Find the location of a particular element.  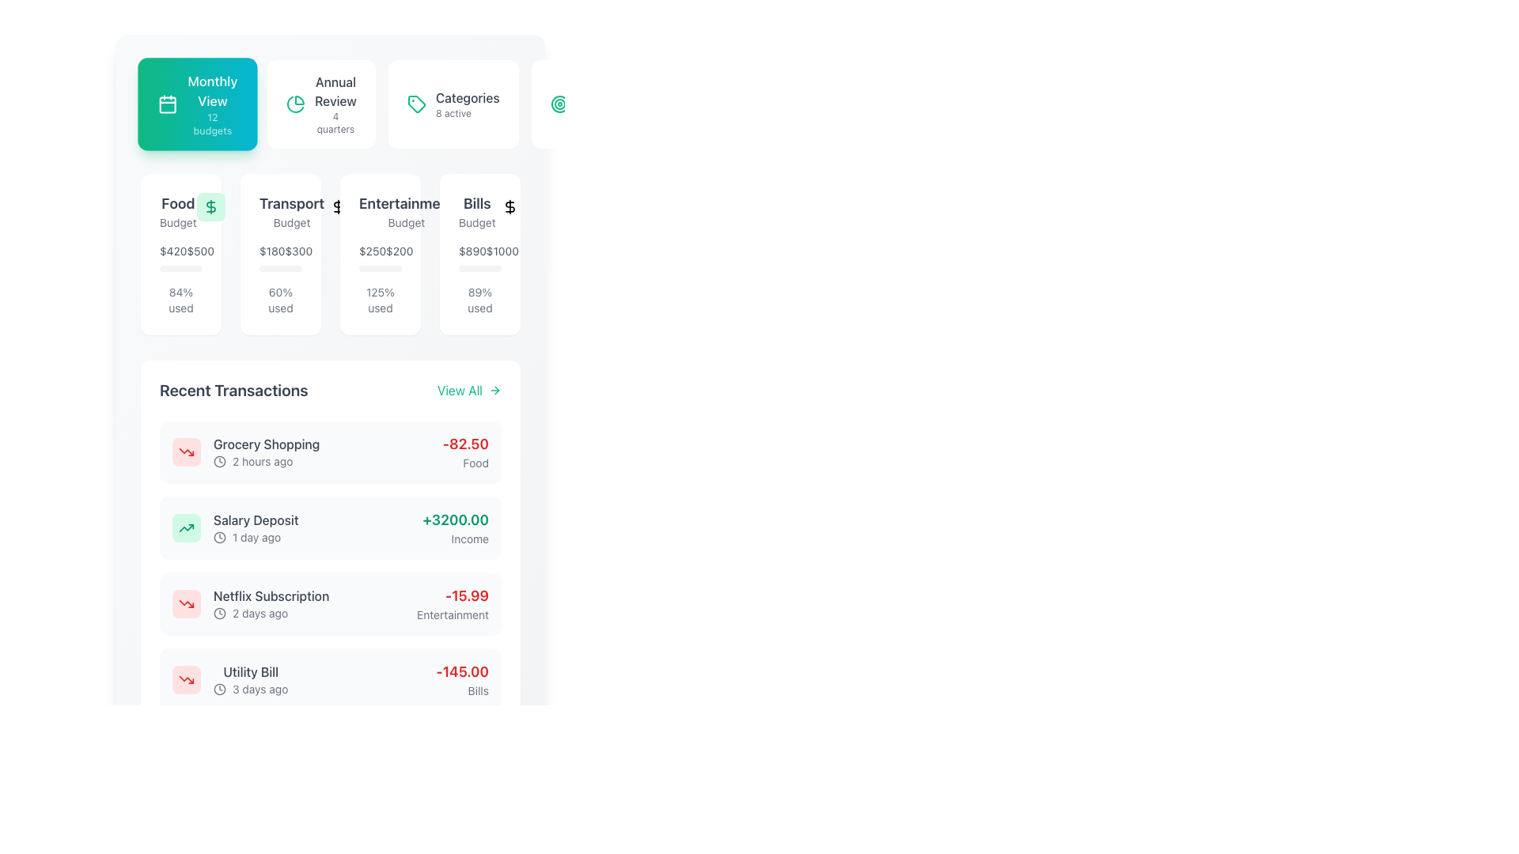

the textual element displaying financial information ('$890' and '$1000') located within the 'Bills' budget category card, positioned above the horizontal progress bar is located at coordinates (479, 250).